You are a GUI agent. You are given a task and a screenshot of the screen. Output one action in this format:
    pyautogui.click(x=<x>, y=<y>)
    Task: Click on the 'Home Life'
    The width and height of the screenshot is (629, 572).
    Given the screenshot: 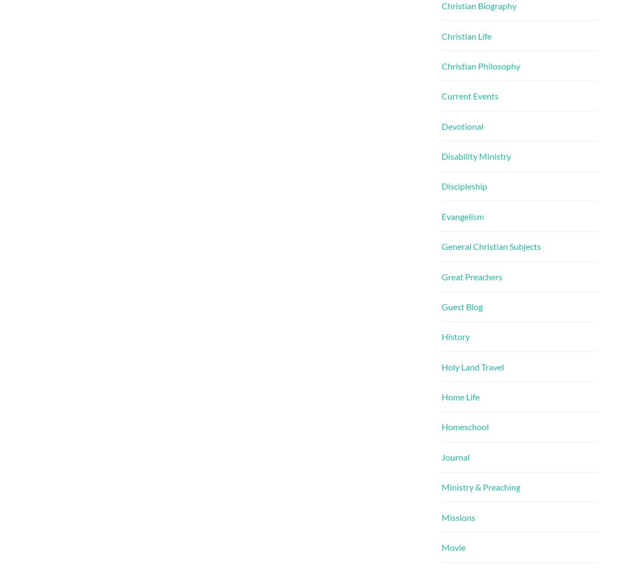 What is the action you would take?
    pyautogui.click(x=460, y=396)
    